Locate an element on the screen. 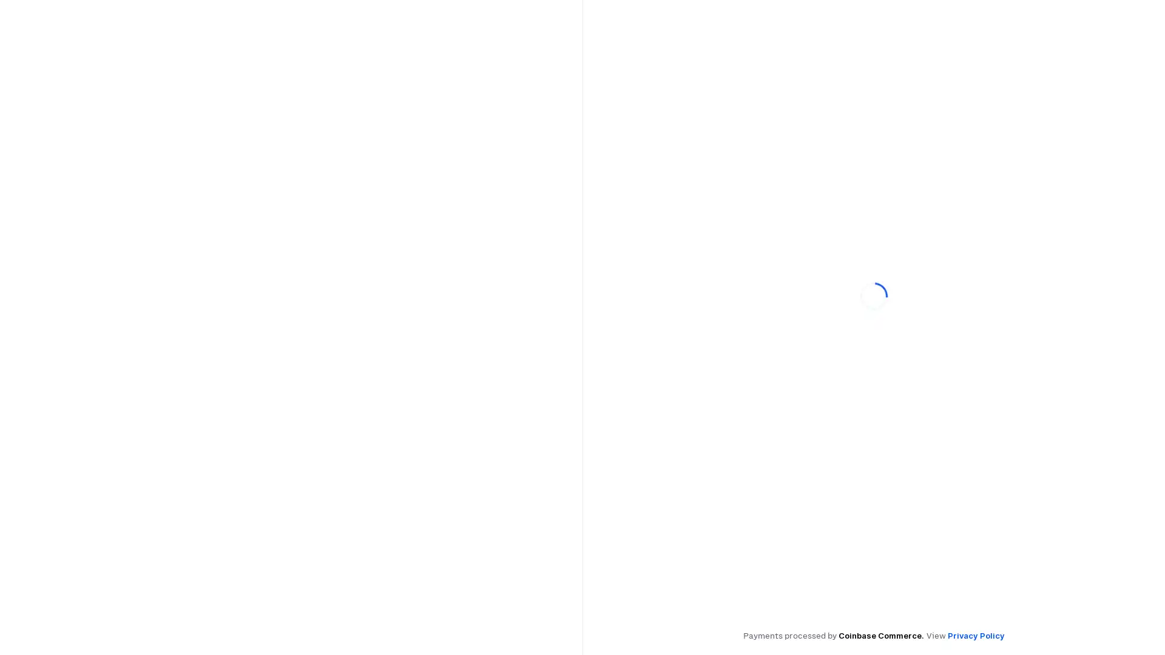  Ethereum Ethereum ETH is located at coordinates (808, 293).